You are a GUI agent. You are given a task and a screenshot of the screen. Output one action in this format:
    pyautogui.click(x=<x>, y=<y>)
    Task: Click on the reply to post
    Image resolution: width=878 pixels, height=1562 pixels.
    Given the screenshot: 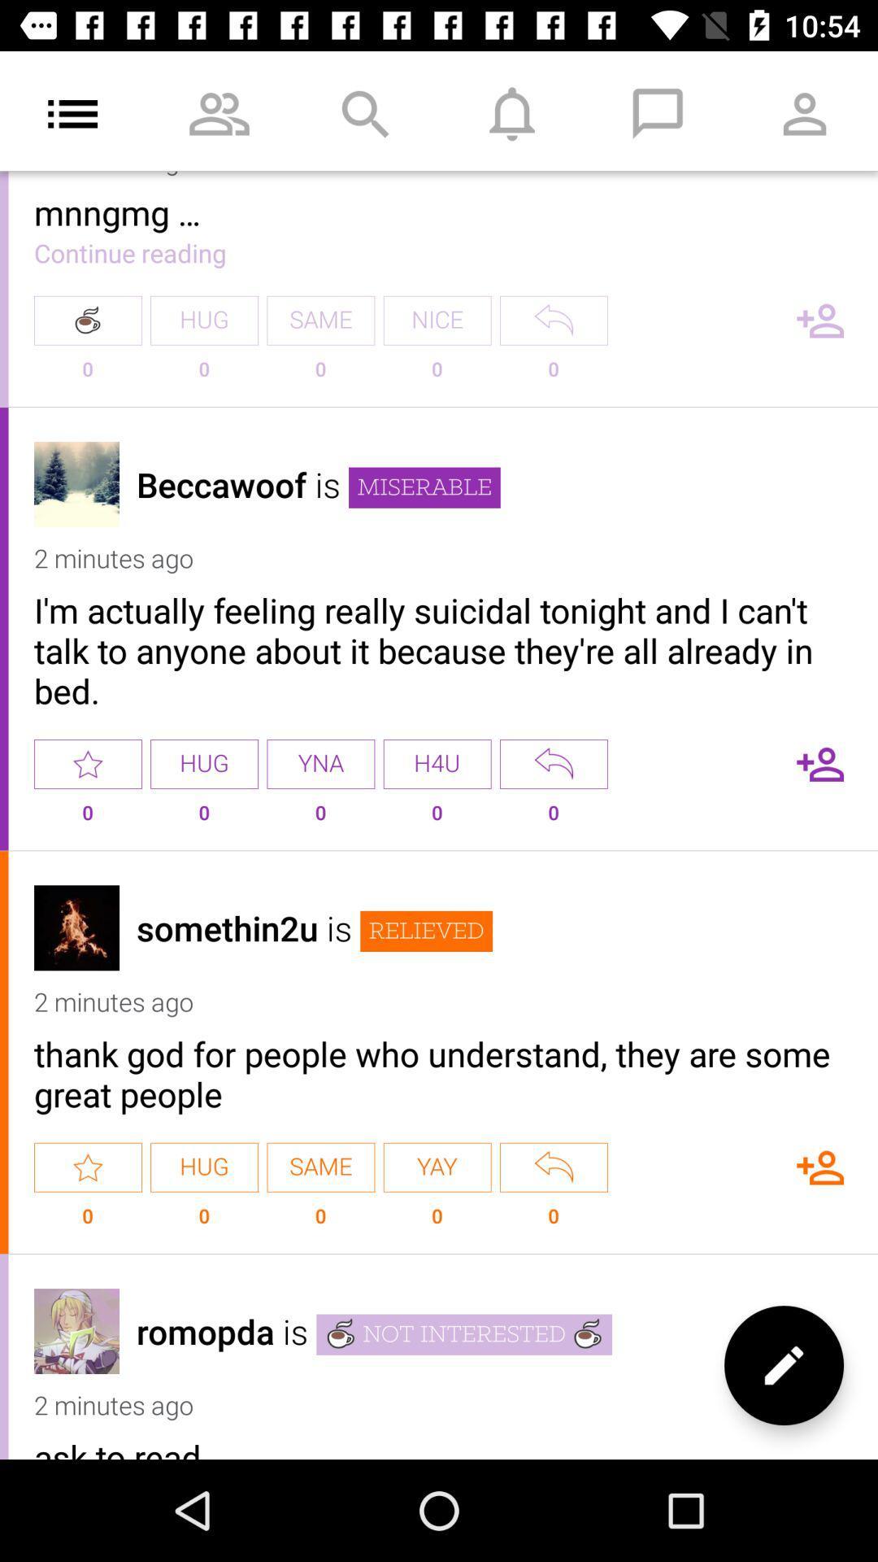 What is the action you would take?
    pyautogui.click(x=553, y=1167)
    